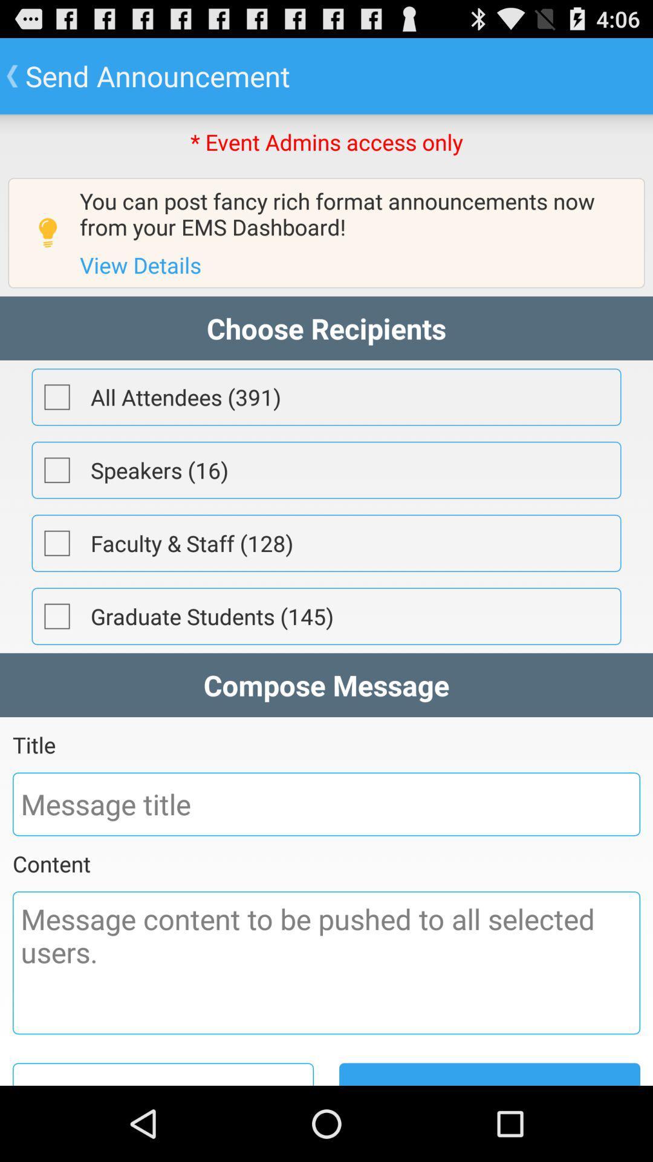 The height and width of the screenshot is (1162, 653). What do you see at coordinates (326, 962) in the screenshot?
I see `type message` at bounding box center [326, 962].